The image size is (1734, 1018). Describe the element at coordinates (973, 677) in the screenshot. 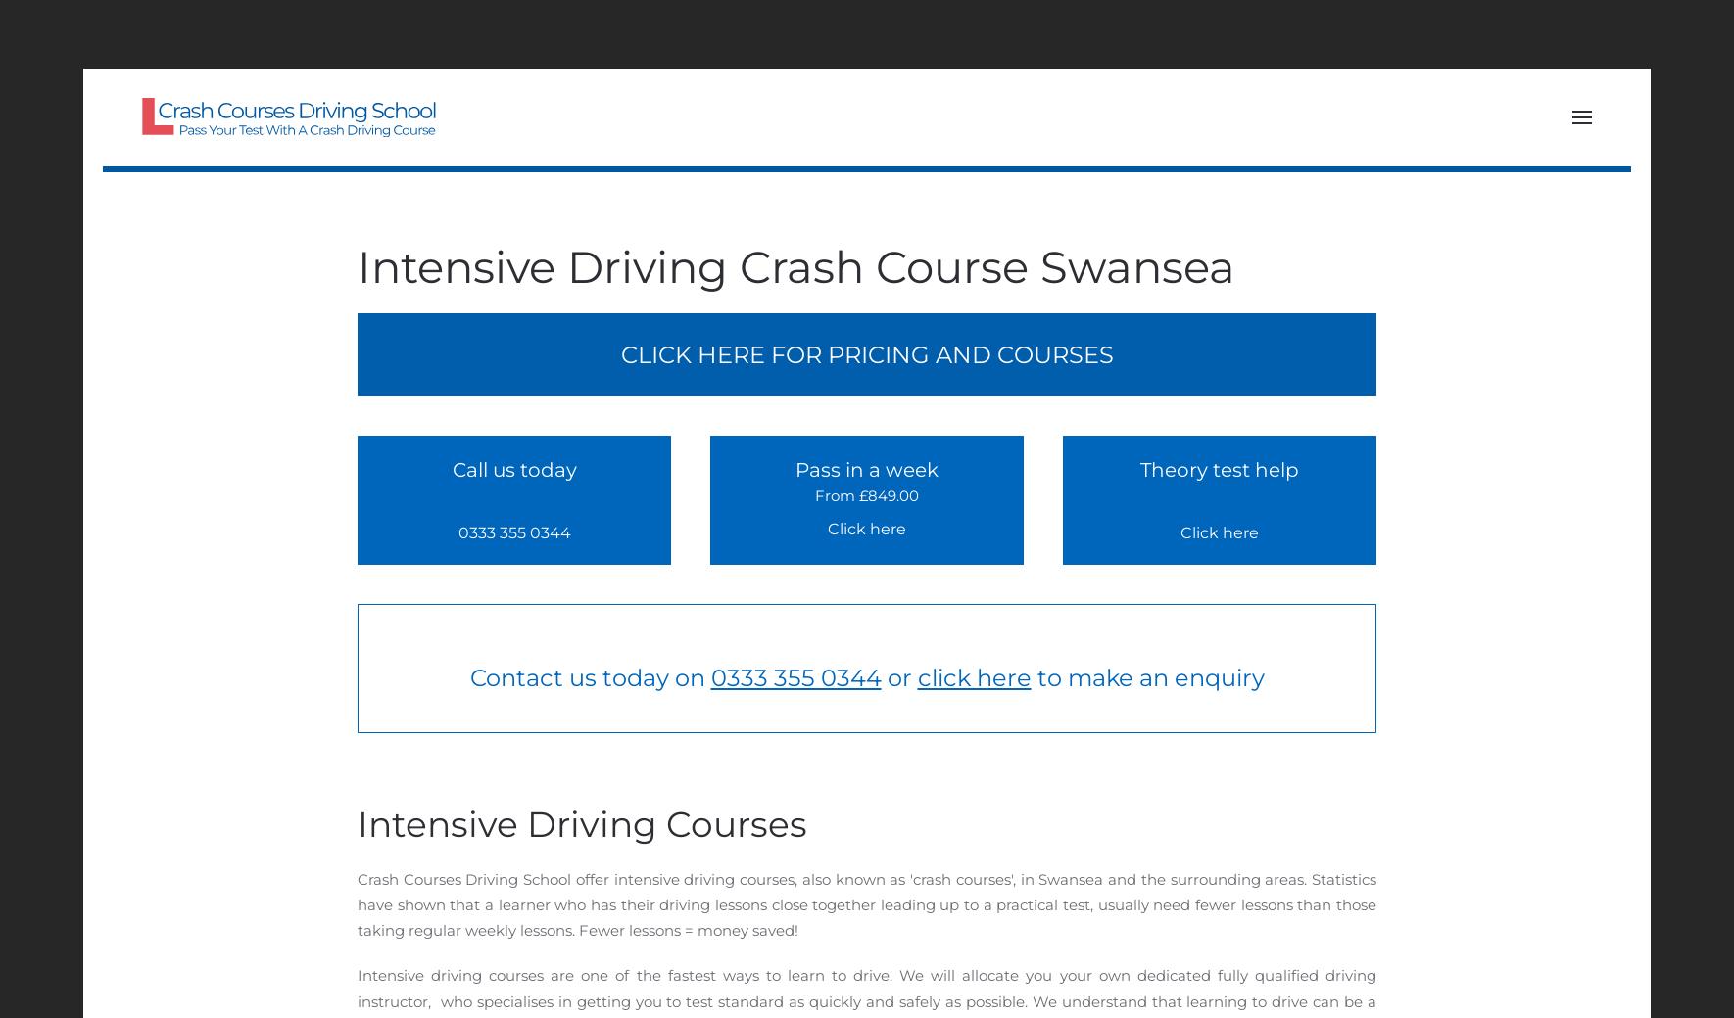

I see `'click here'` at that location.